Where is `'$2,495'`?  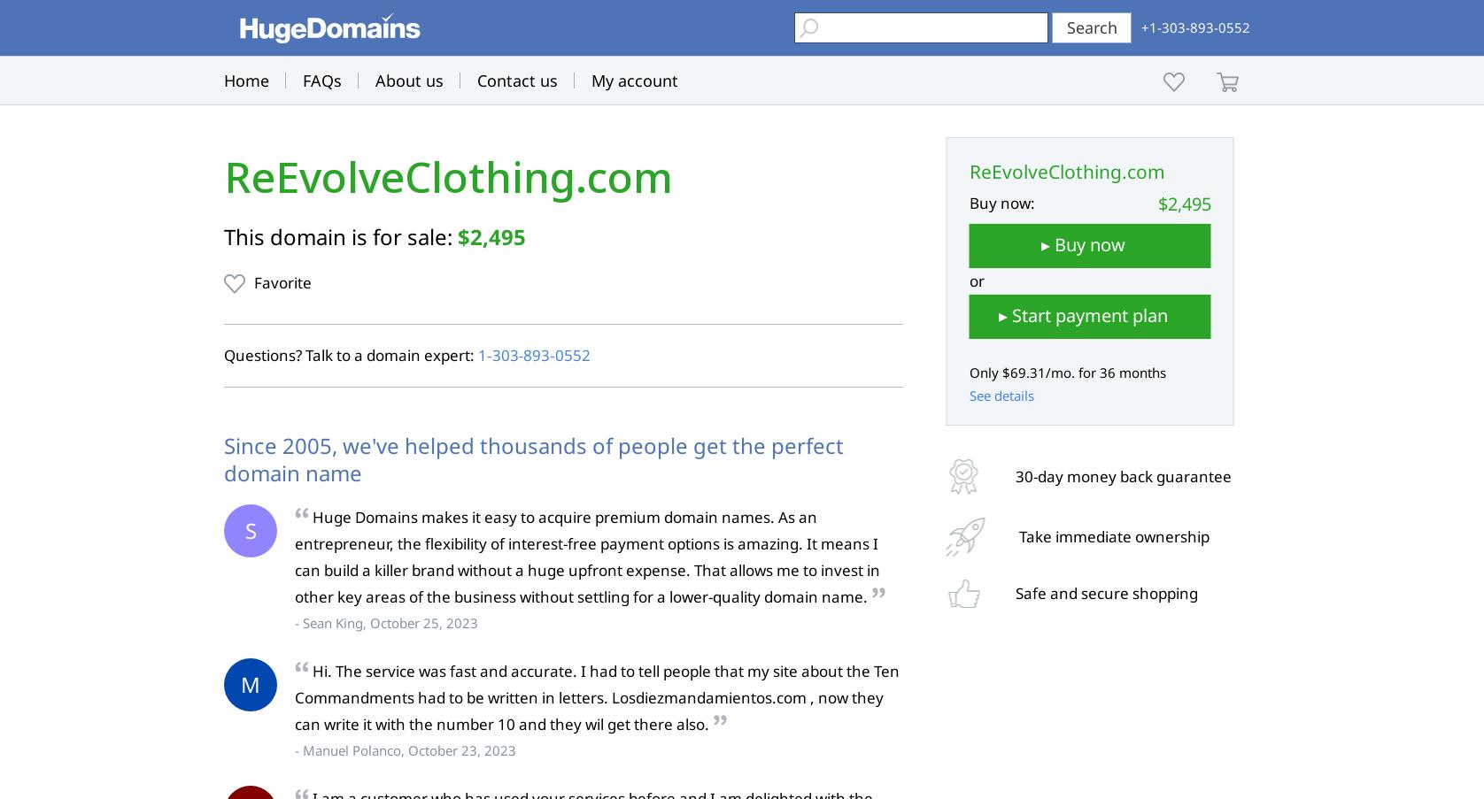 '$2,495' is located at coordinates (491, 235).